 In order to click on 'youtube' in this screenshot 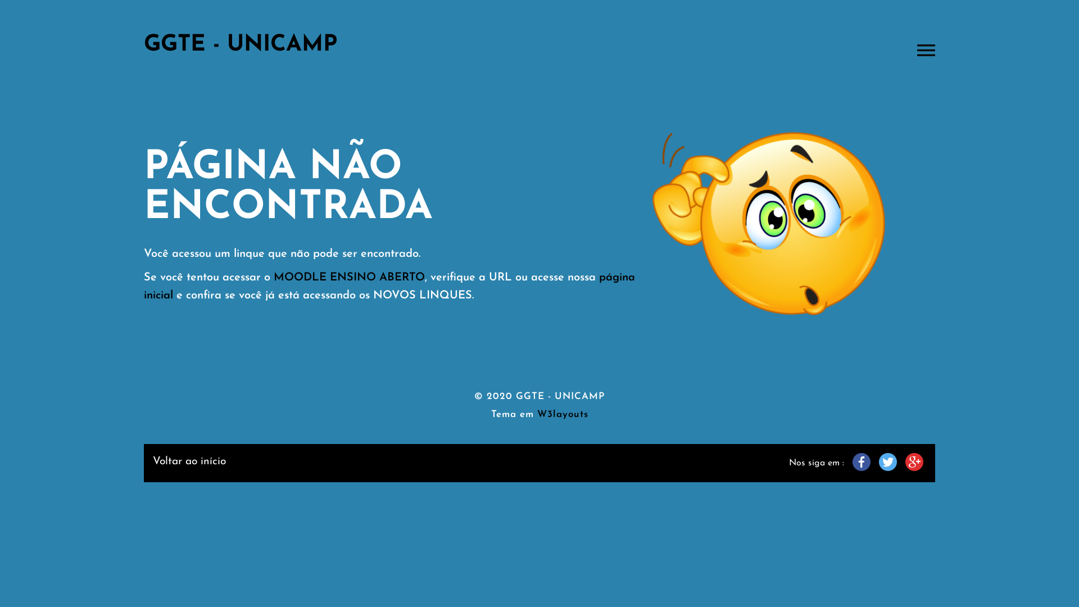, I will do `click(914, 461)`.